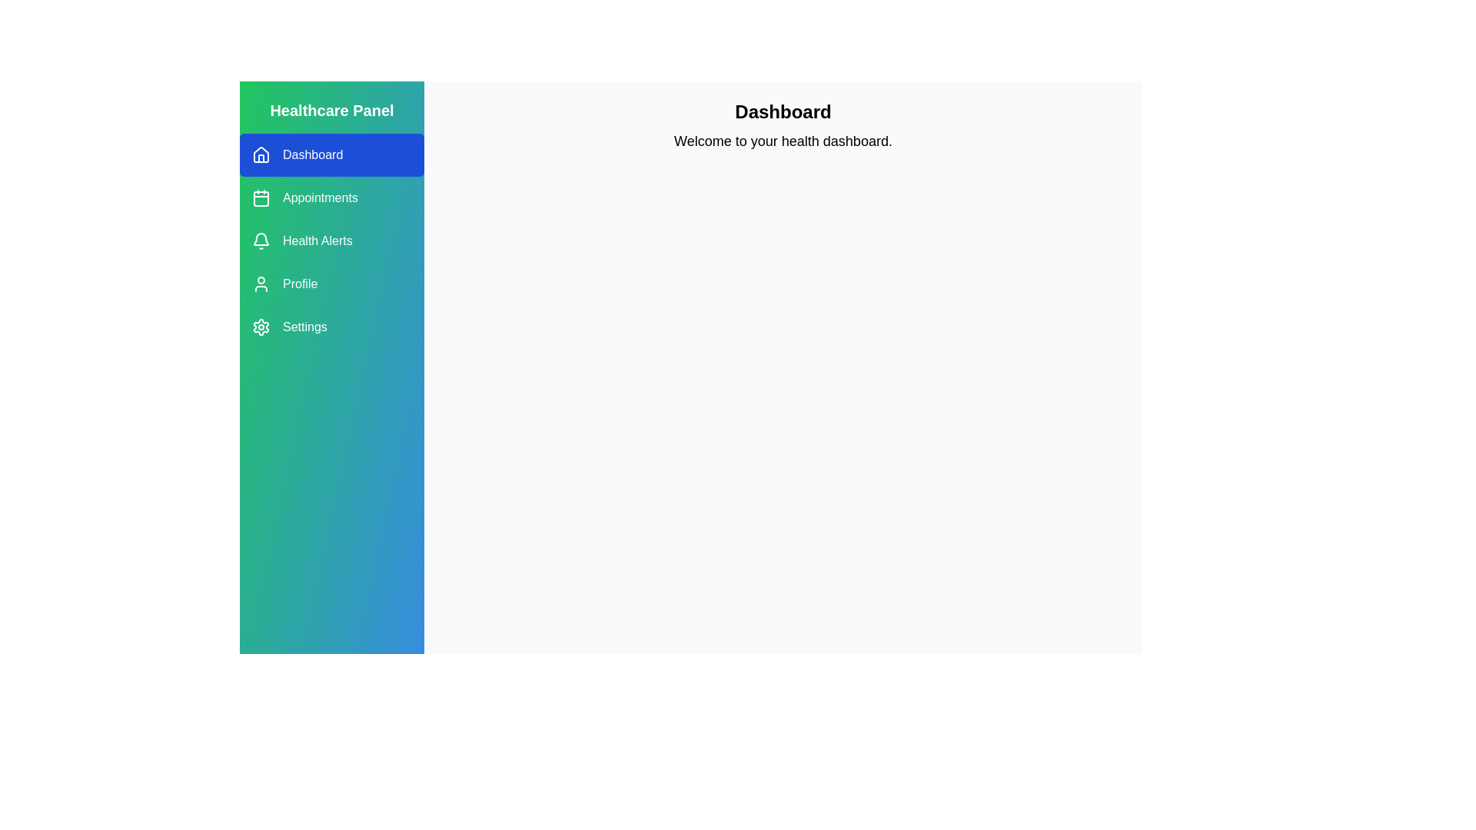 Image resolution: width=1476 pixels, height=830 pixels. What do you see at coordinates (331, 326) in the screenshot?
I see `the 'Settings' button located in the vertical menu` at bounding box center [331, 326].